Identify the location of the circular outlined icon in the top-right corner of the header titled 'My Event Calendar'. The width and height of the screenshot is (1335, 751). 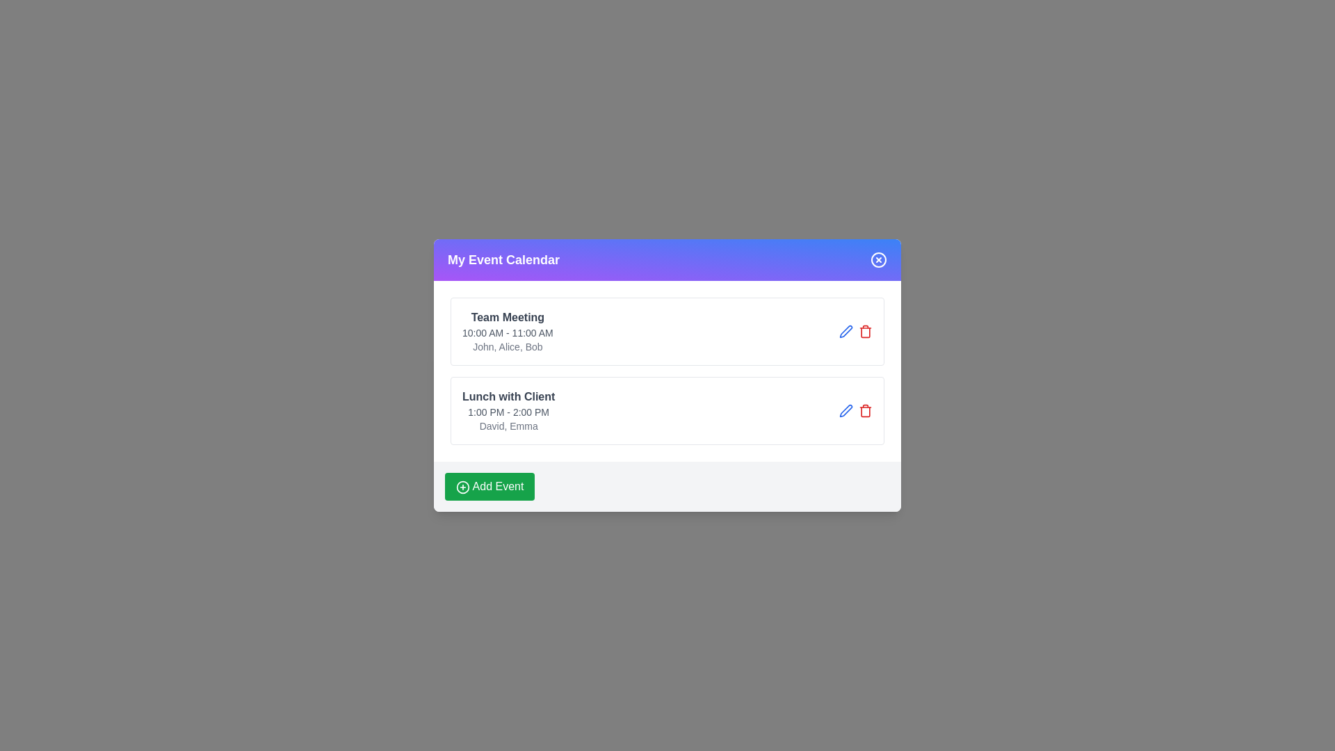
(877, 260).